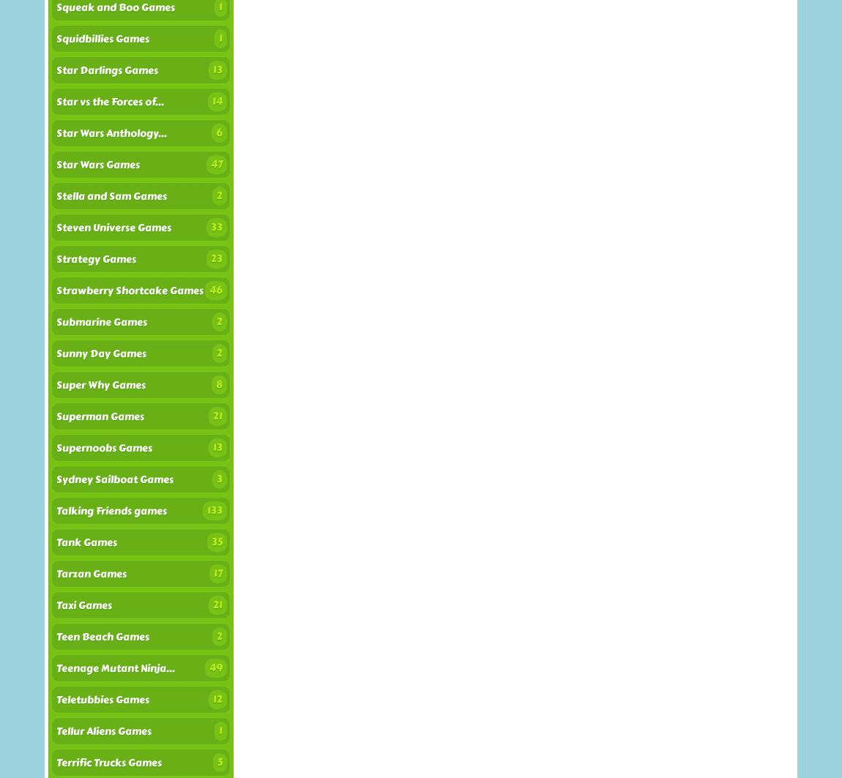  Describe the element at coordinates (215, 509) in the screenshot. I see `'133'` at that location.